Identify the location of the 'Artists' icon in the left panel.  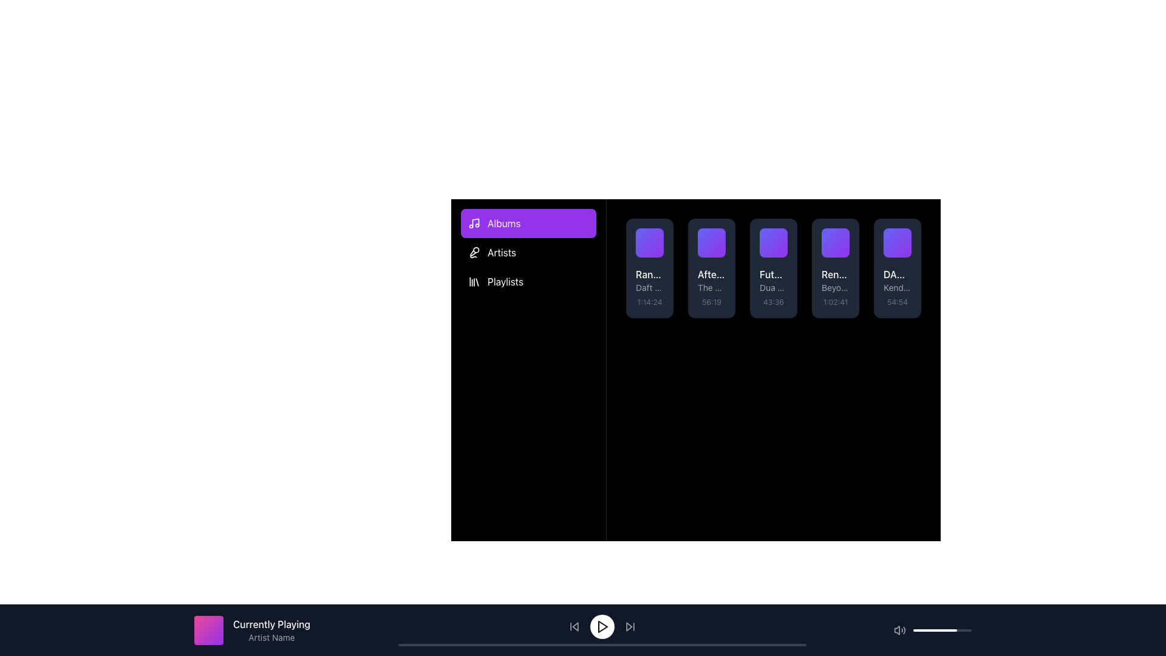
(474, 252).